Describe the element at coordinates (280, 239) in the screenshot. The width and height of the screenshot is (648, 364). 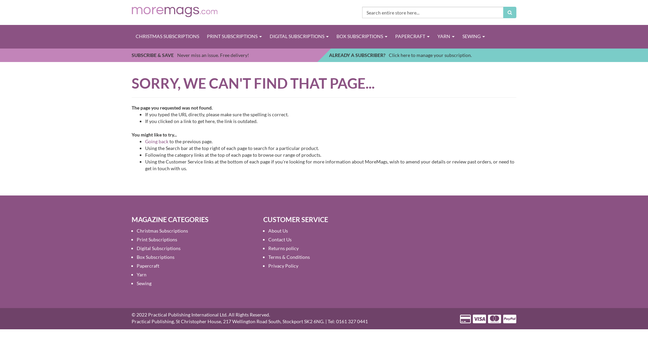
I see `'Contact Us'` at that location.